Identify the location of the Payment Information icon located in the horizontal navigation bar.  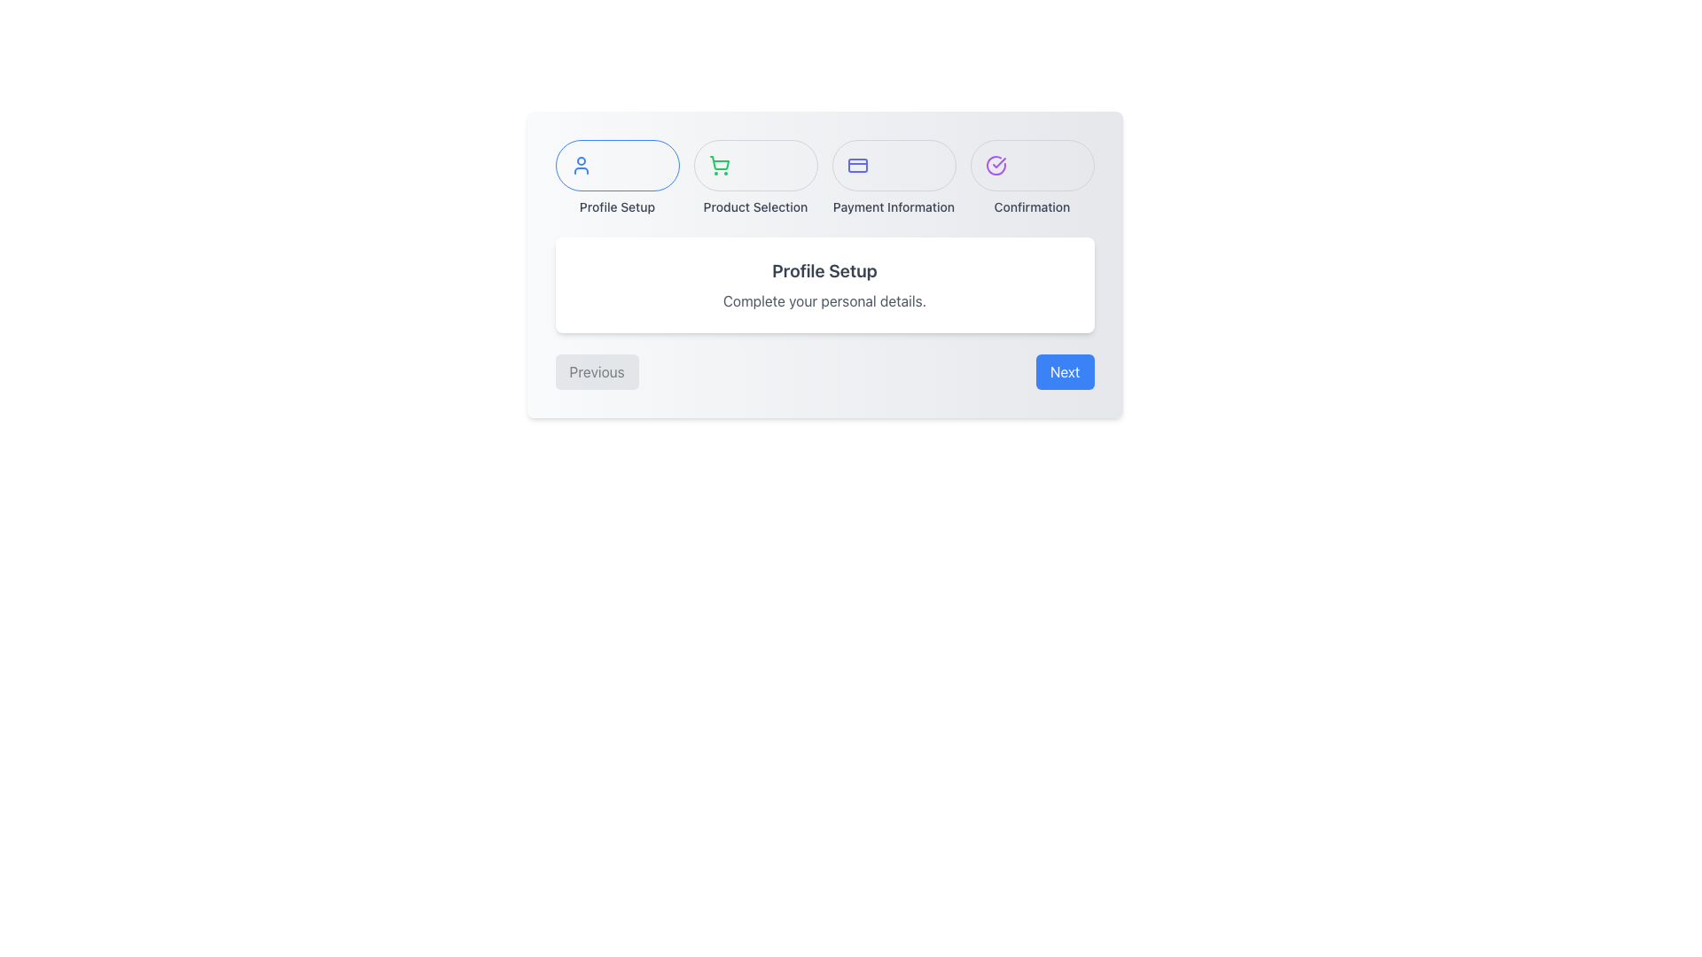
(857, 165).